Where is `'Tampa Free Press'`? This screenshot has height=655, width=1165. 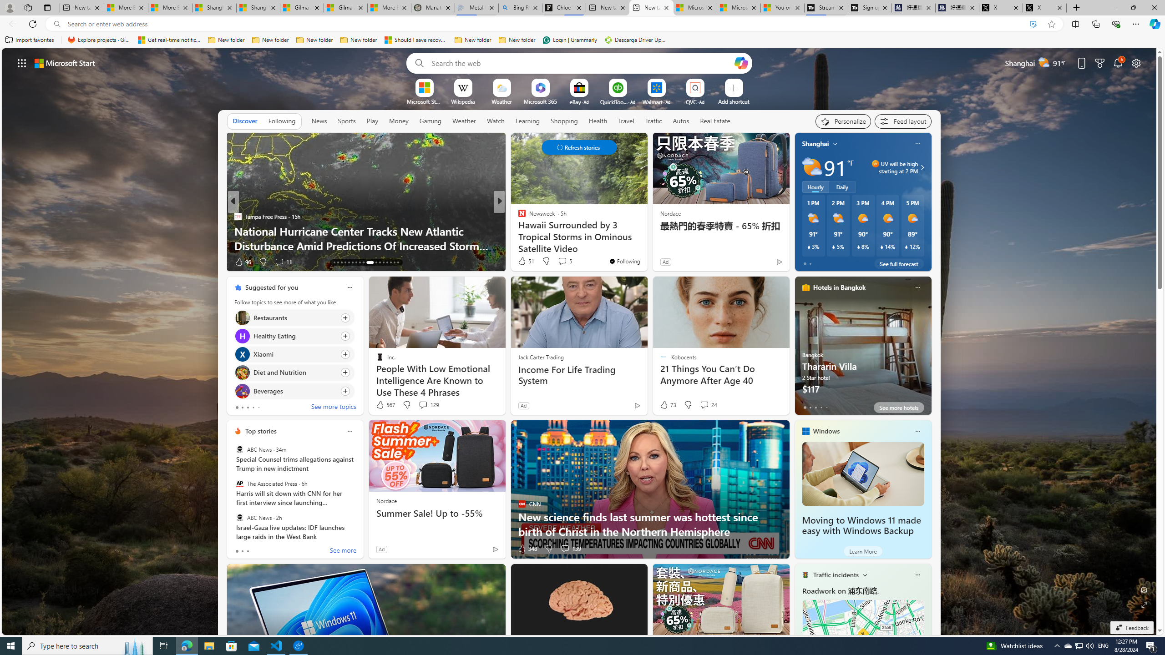 'Tampa Free Press' is located at coordinates (237, 216).